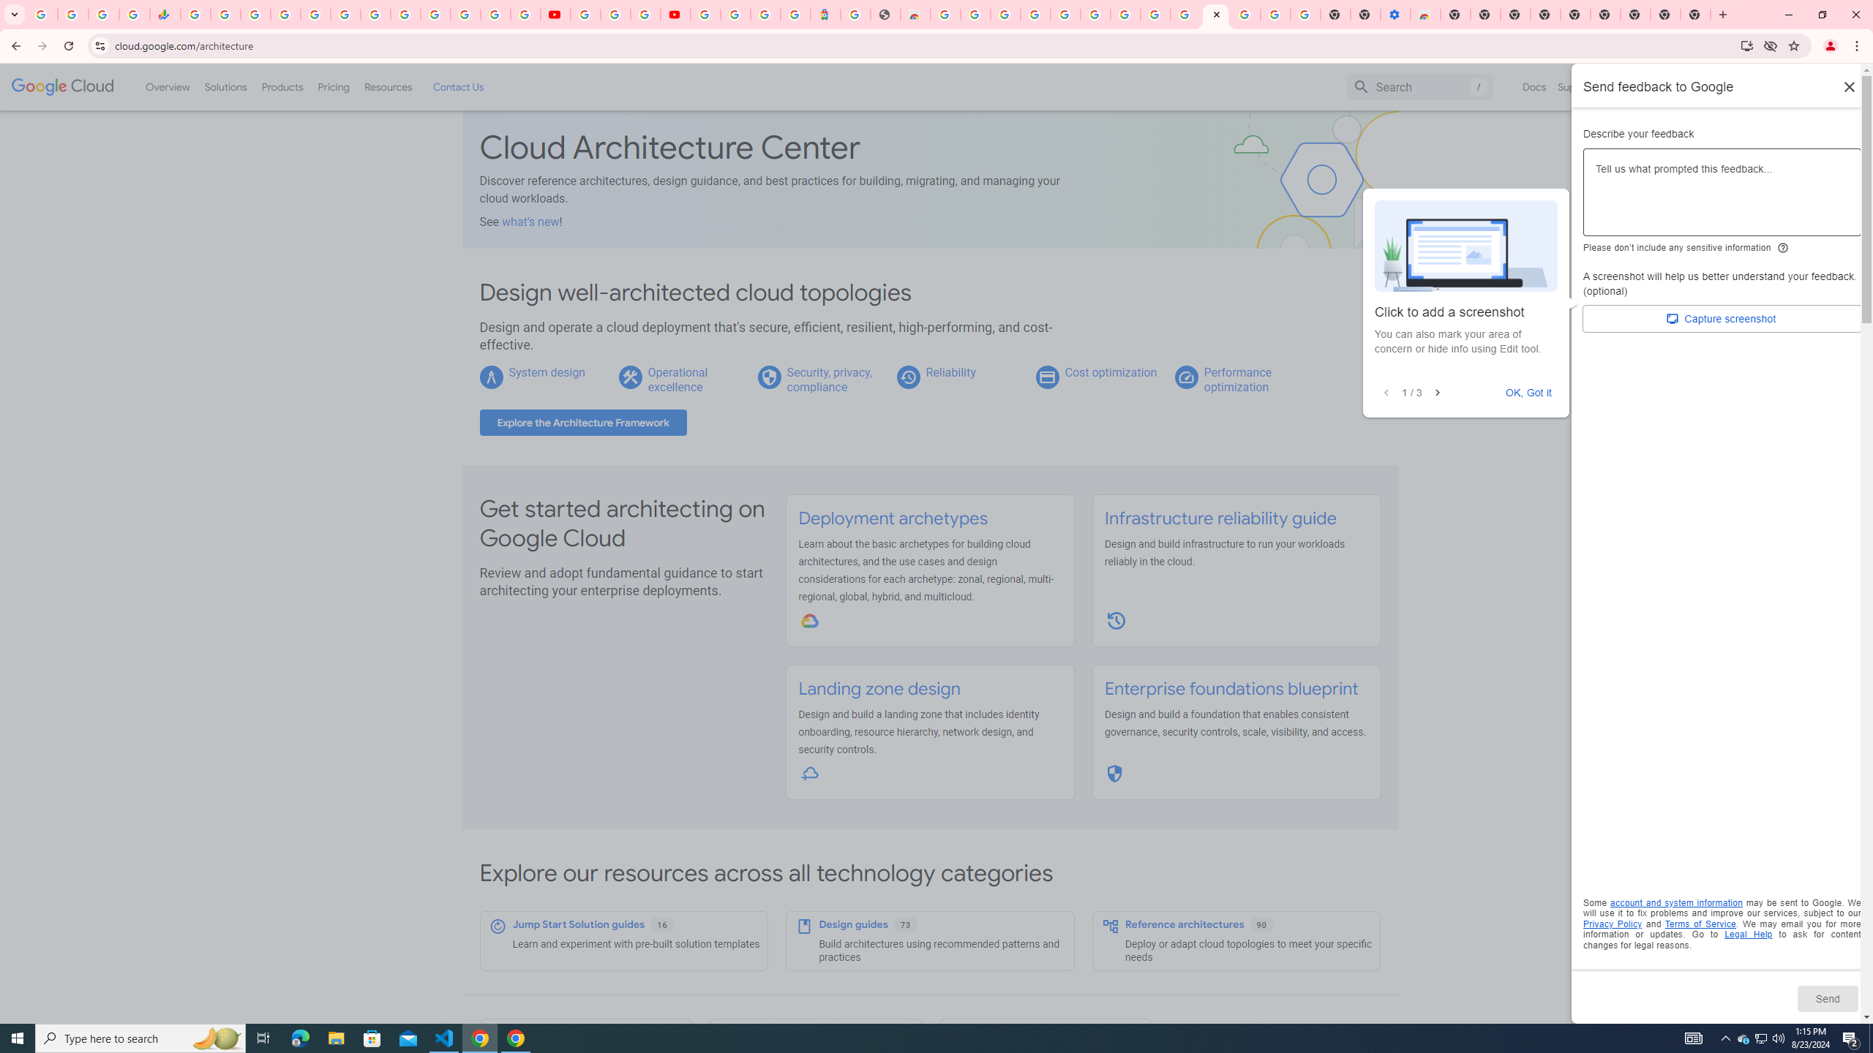  Describe the element at coordinates (1385, 392) in the screenshot. I see `'Previous'` at that location.